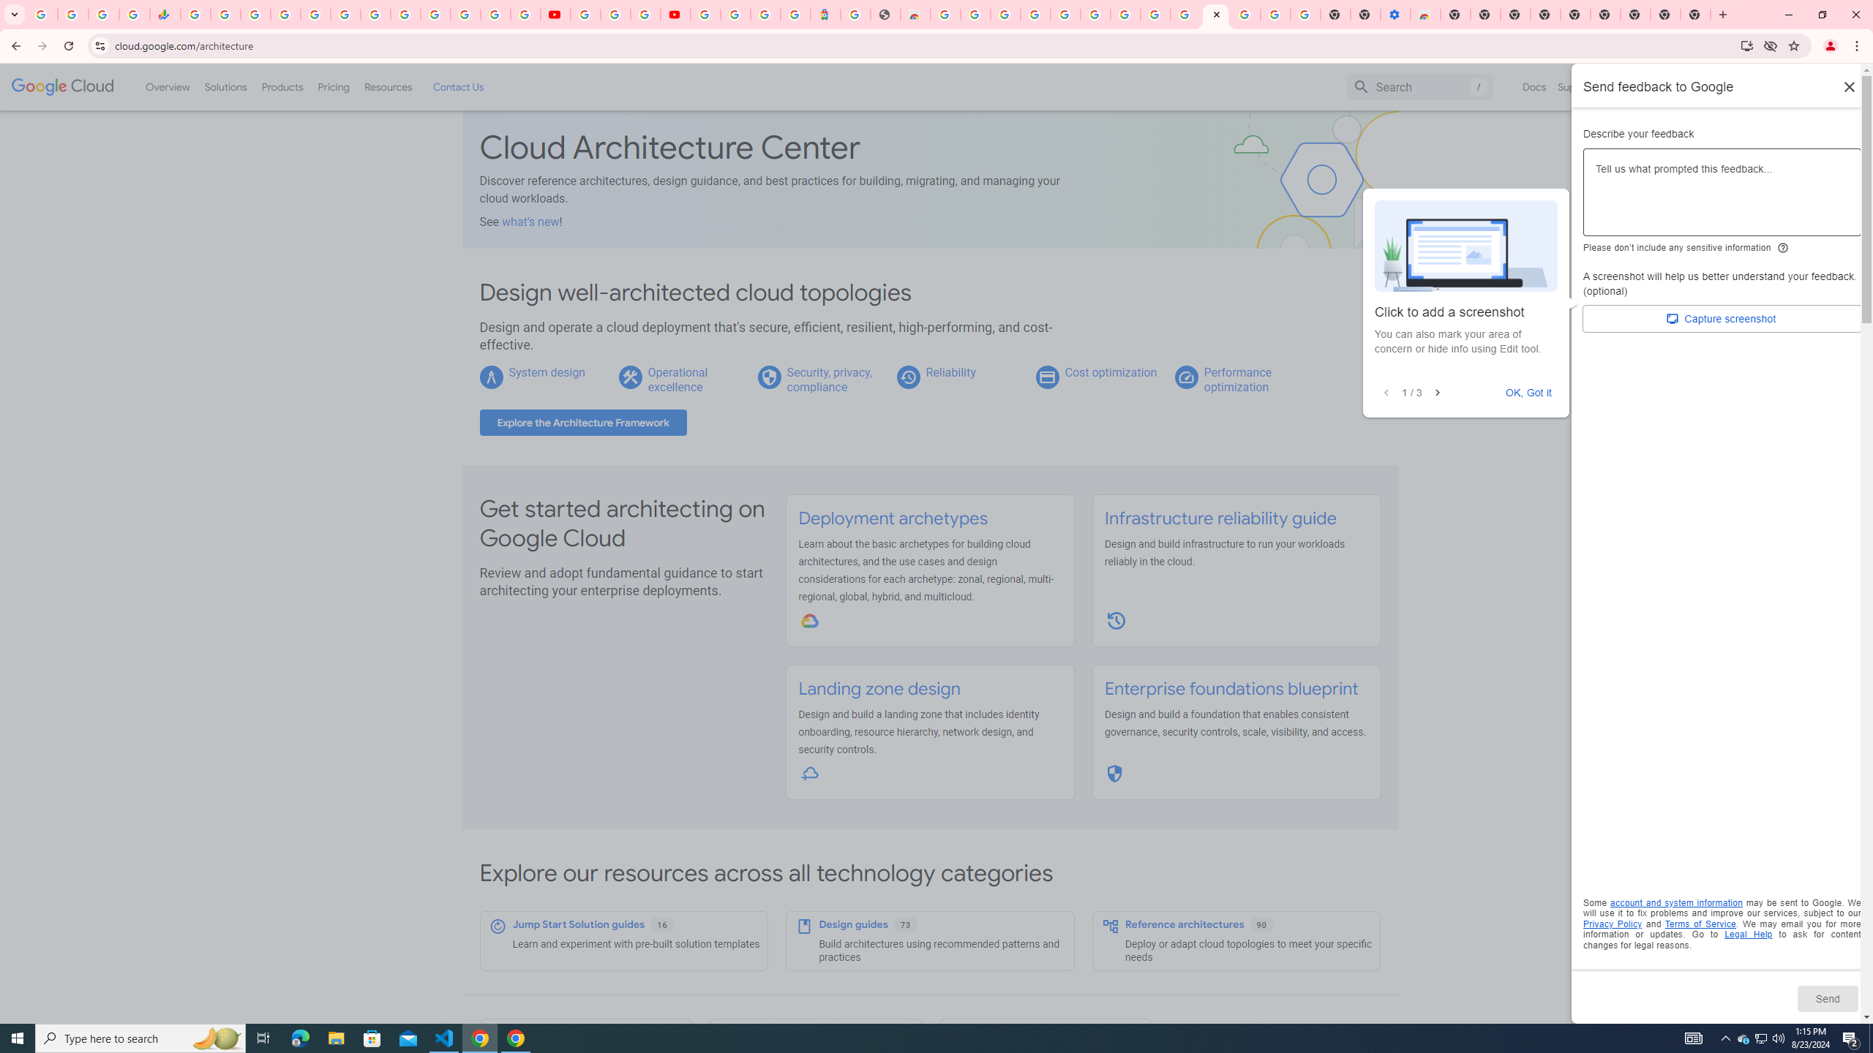  Describe the element at coordinates (1385, 392) in the screenshot. I see `'Previous'` at that location.